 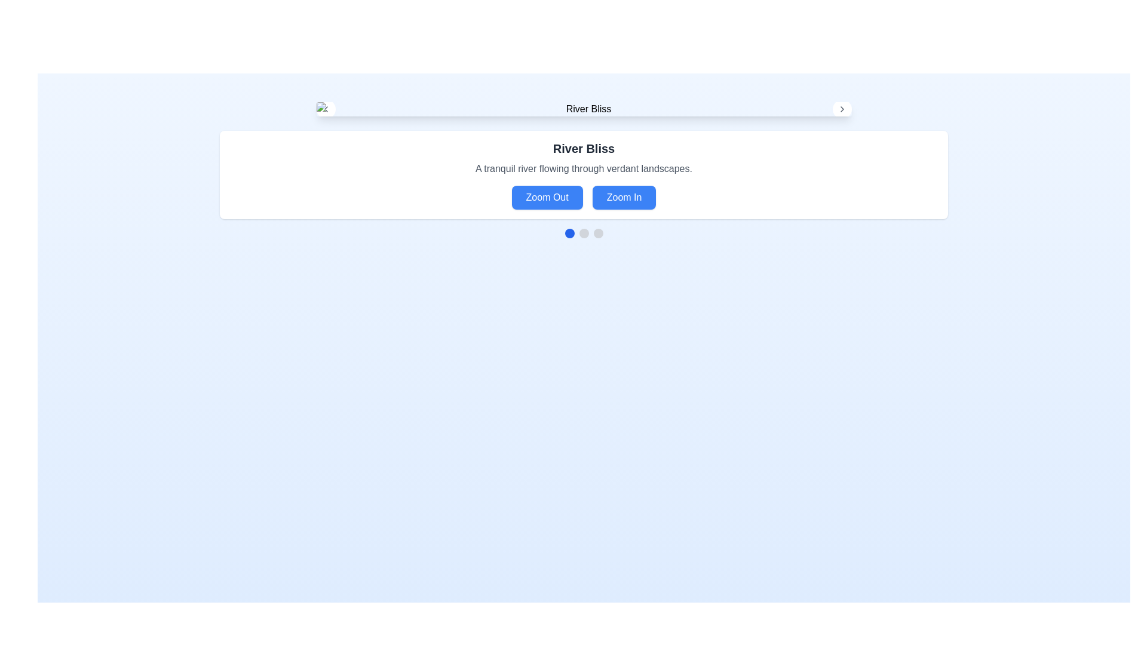 What do you see at coordinates (584, 233) in the screenshot?
I see `the second circular button in the button group located below the 'Zoom Out' and 'Zoom In' buttons, which serves as a navigation control for selecting or highlighting content` at bounding box center [584, 233].